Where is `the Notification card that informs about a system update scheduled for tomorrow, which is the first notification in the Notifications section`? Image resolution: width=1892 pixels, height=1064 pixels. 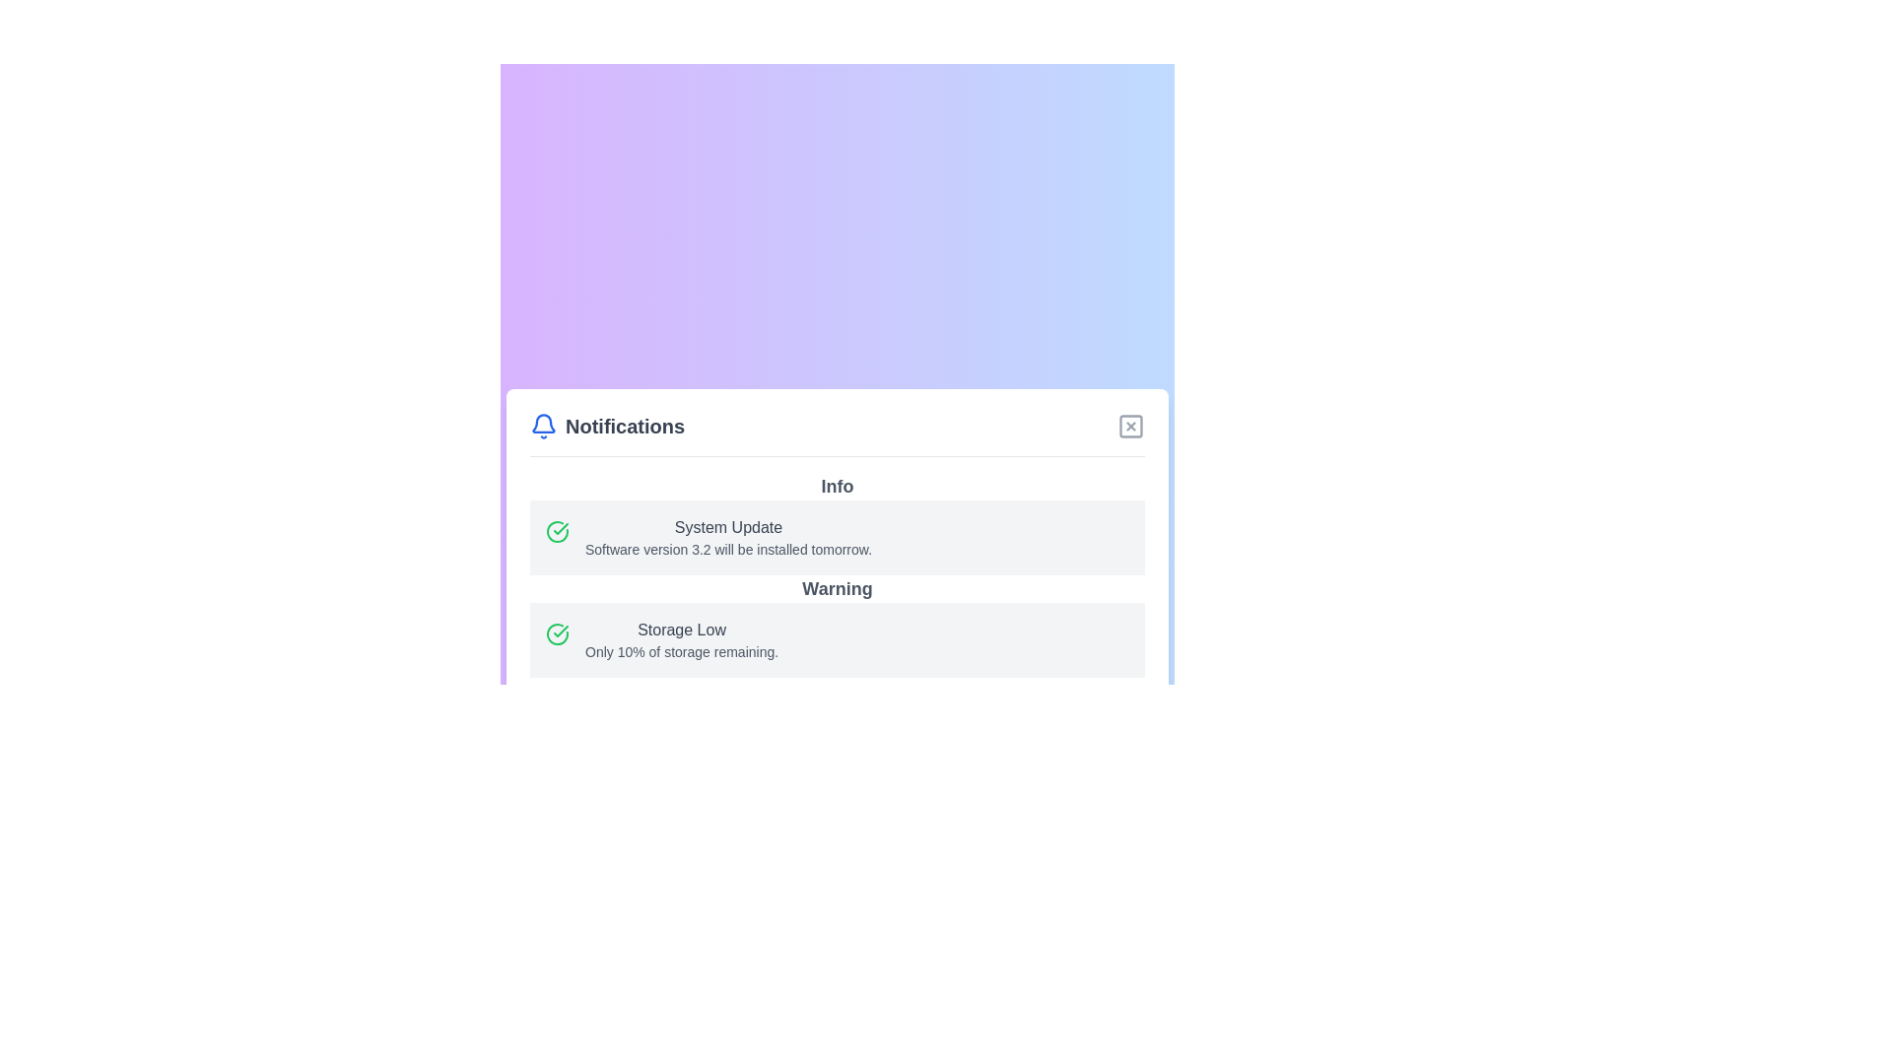
the Notification card that informs about a system update scheduled for tomorrow, which is the first notification in the Notifications section is located at coordinates (837, 522).